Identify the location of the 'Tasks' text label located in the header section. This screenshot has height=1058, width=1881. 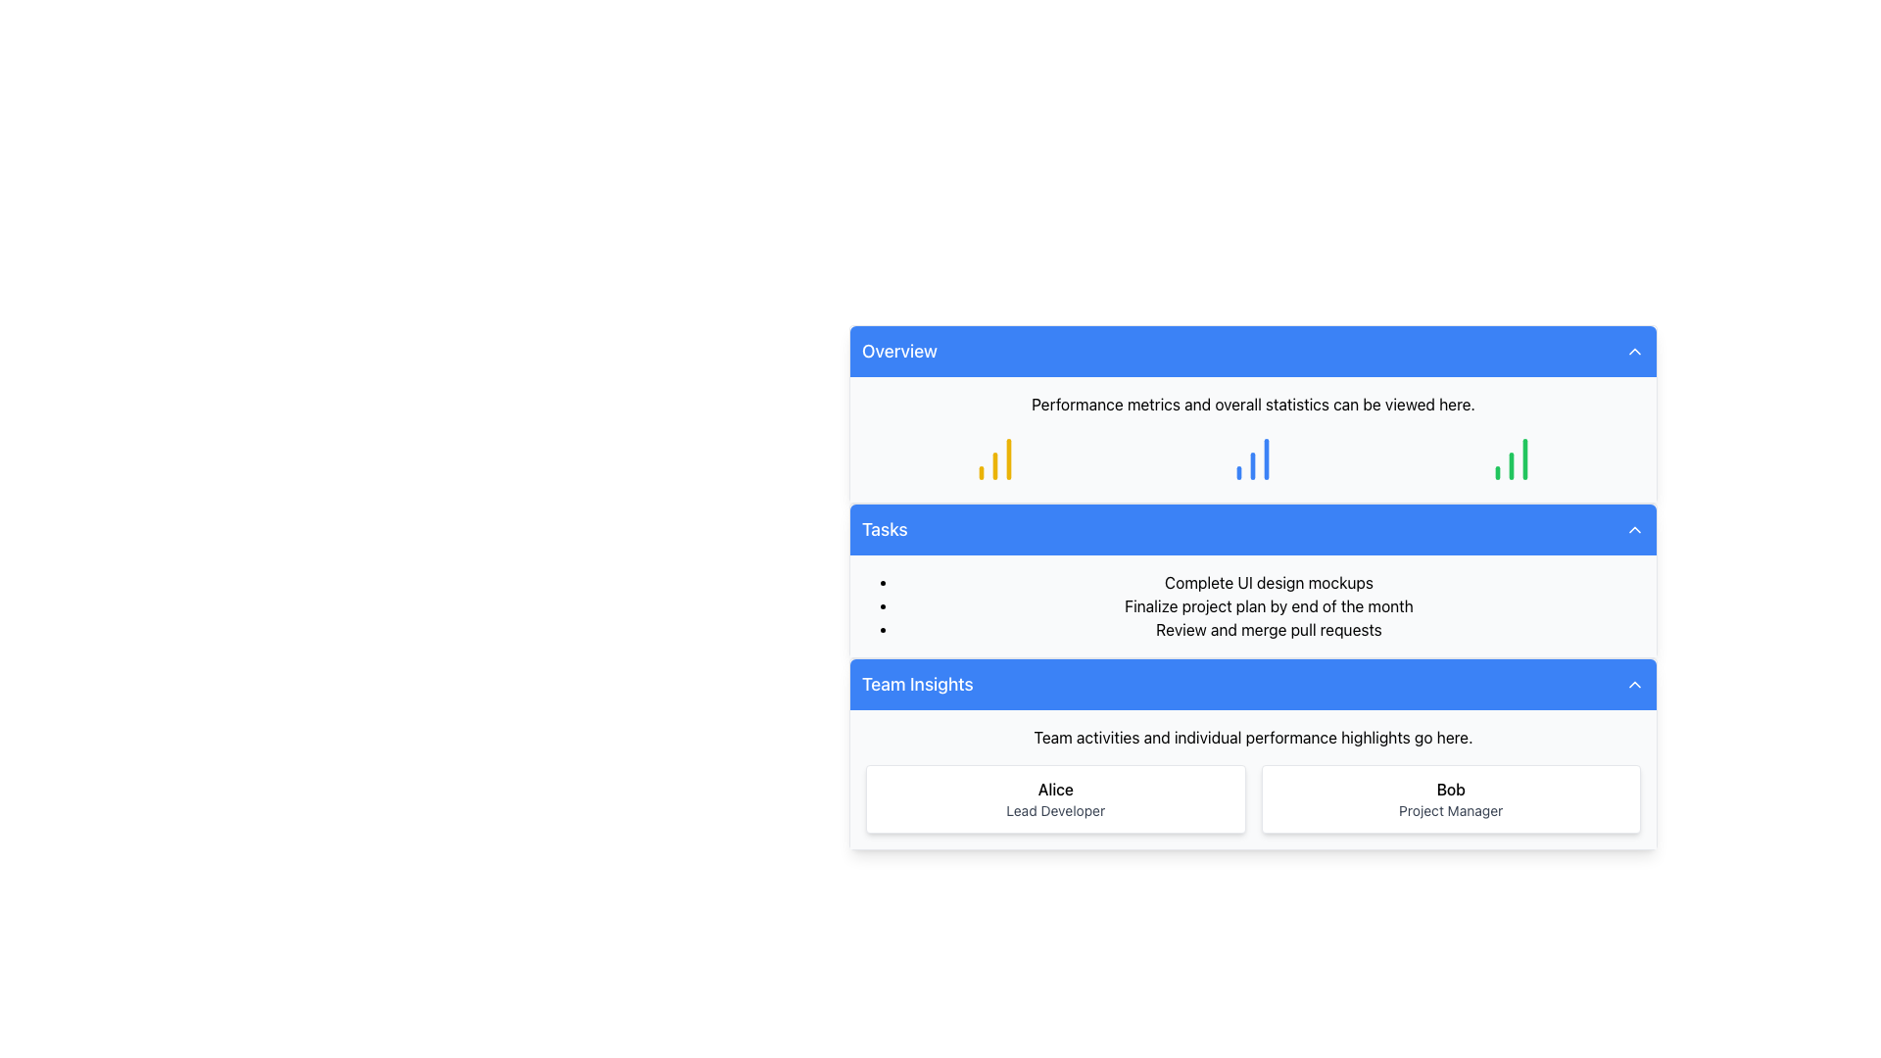
(883, 529).